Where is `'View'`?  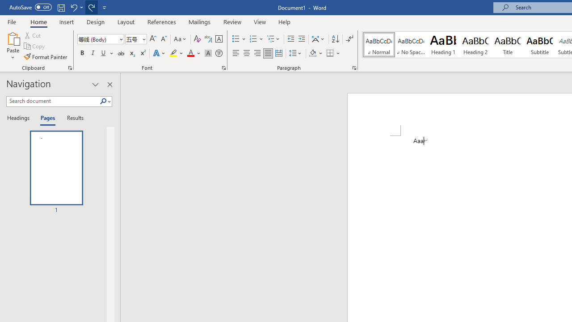
'View' is located at coordinates (260, 21).